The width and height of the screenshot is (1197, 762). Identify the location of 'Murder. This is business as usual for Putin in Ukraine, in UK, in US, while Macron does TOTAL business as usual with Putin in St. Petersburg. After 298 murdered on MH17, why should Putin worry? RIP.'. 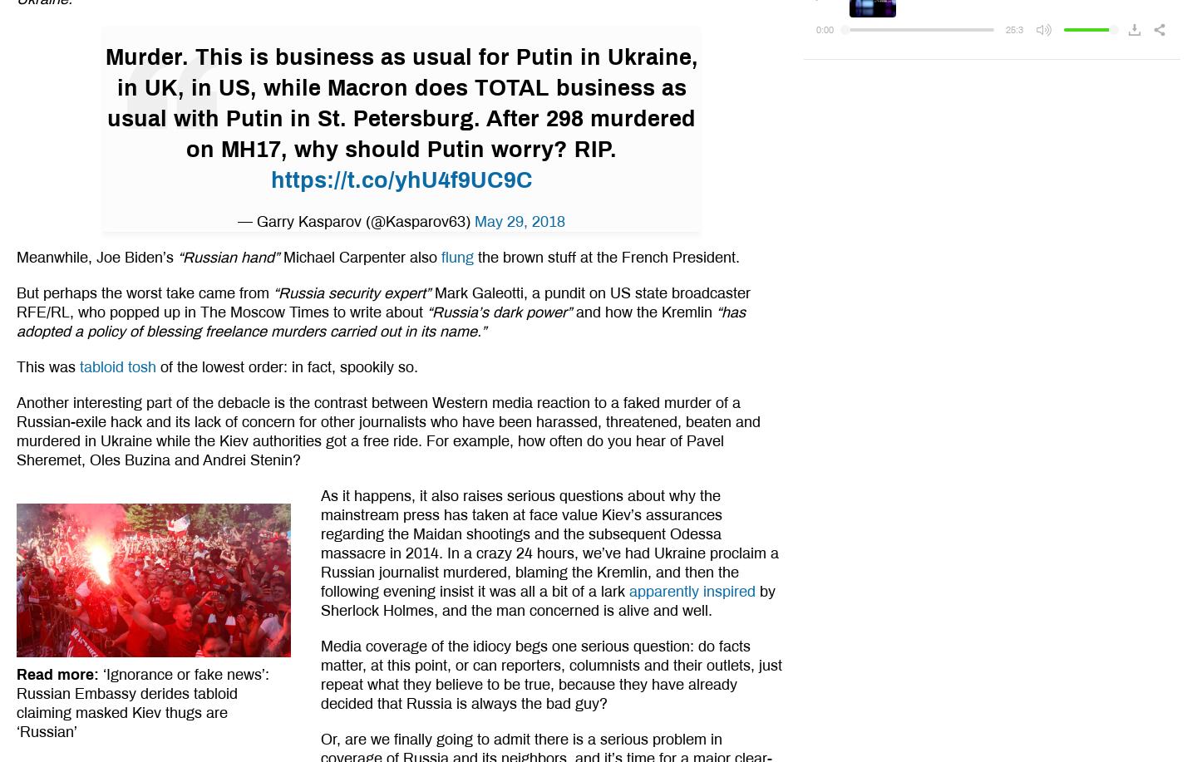
(400, 101).